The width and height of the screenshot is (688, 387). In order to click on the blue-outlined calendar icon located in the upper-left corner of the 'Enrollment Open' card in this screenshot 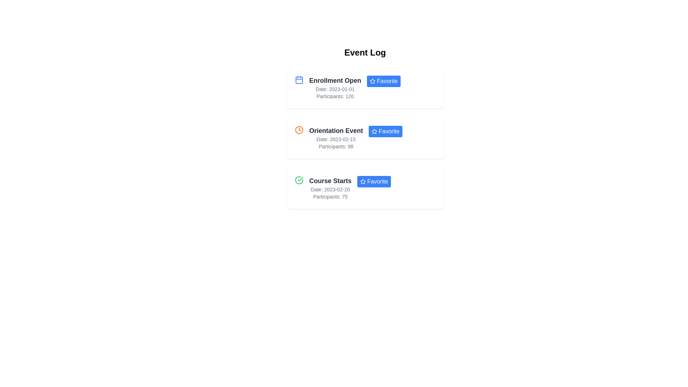, I will do `click(299, 80)`.